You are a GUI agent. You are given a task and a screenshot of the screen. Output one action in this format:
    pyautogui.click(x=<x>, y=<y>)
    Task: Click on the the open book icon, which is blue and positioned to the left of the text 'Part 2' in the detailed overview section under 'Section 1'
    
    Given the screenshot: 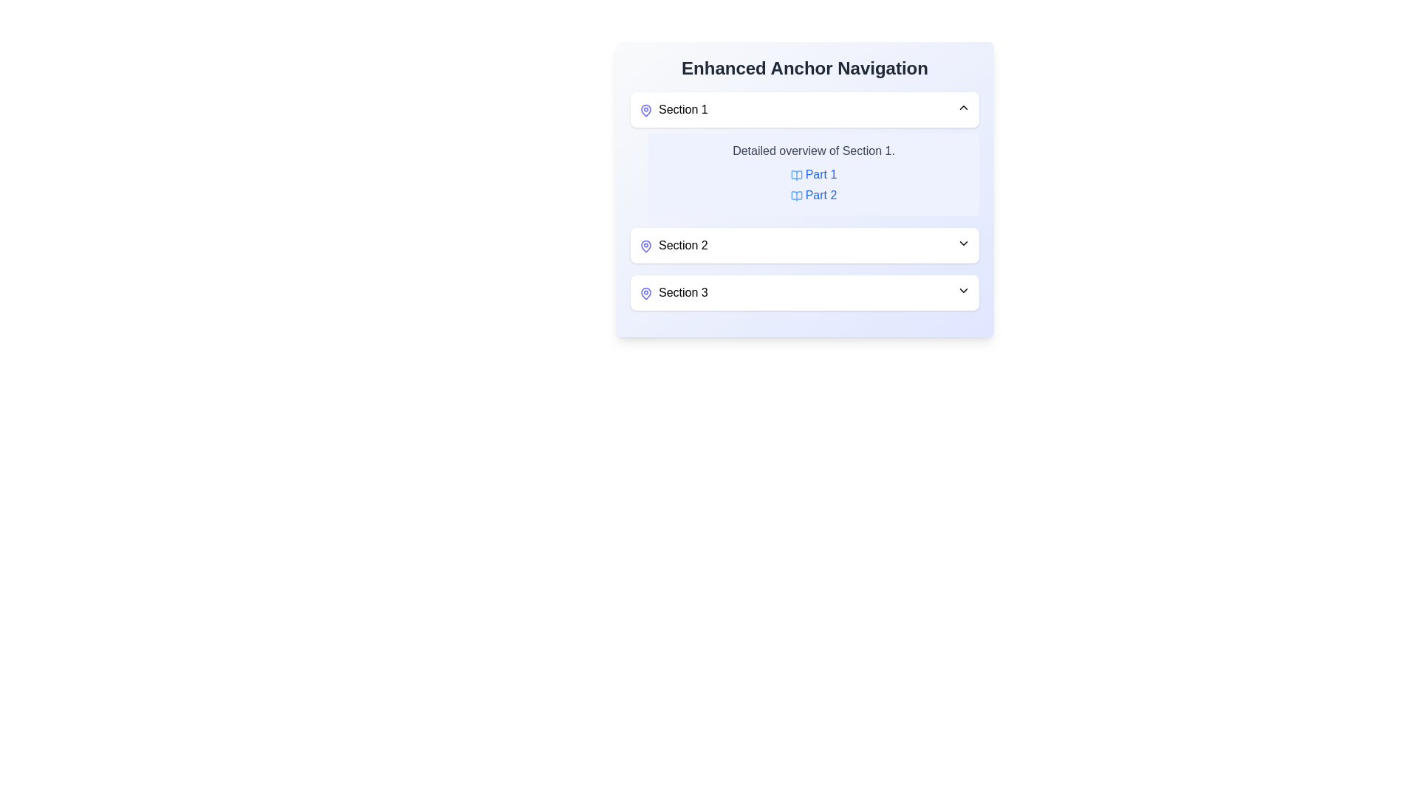 What is the action you would take?
    pyautogui.click(x=795, y=195)
    